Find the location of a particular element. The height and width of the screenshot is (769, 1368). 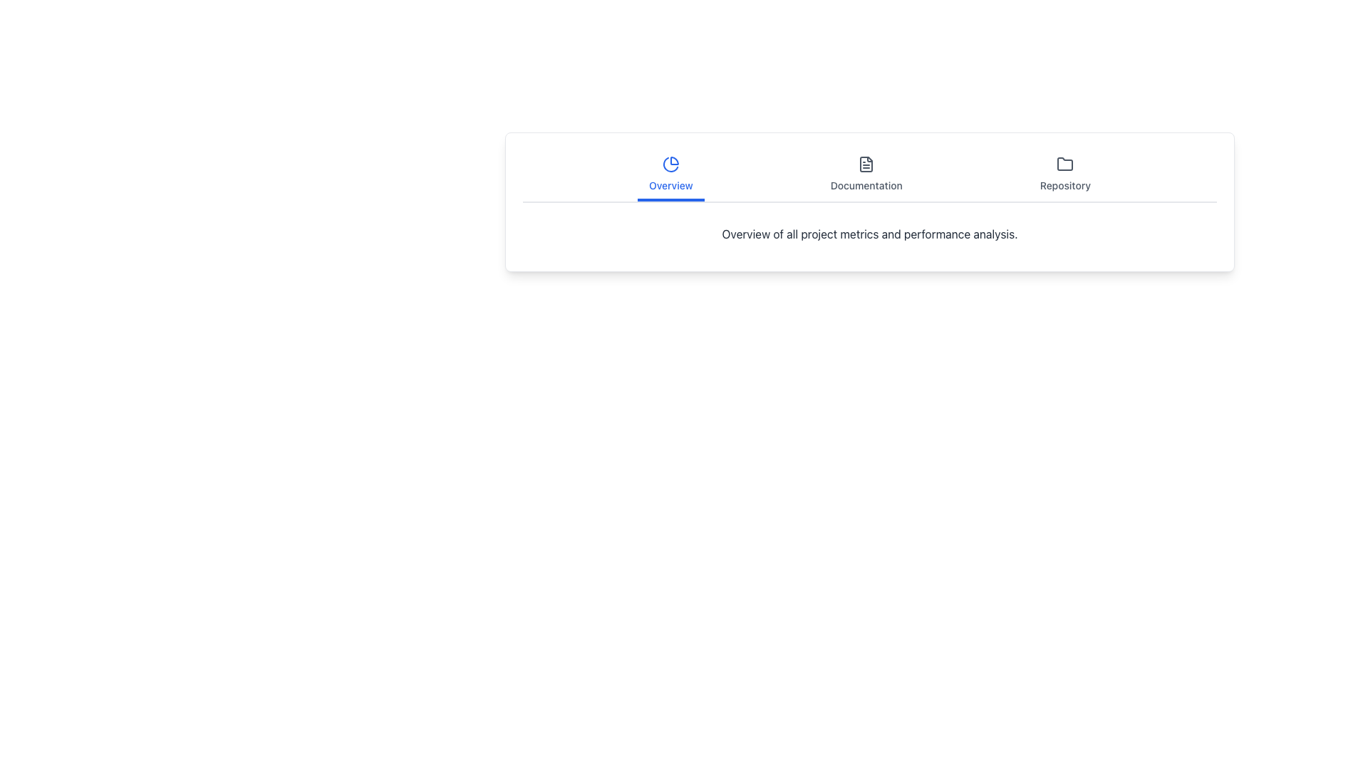

the folder icon located above the label 'Repository' is located at coordinates (1065, 164).